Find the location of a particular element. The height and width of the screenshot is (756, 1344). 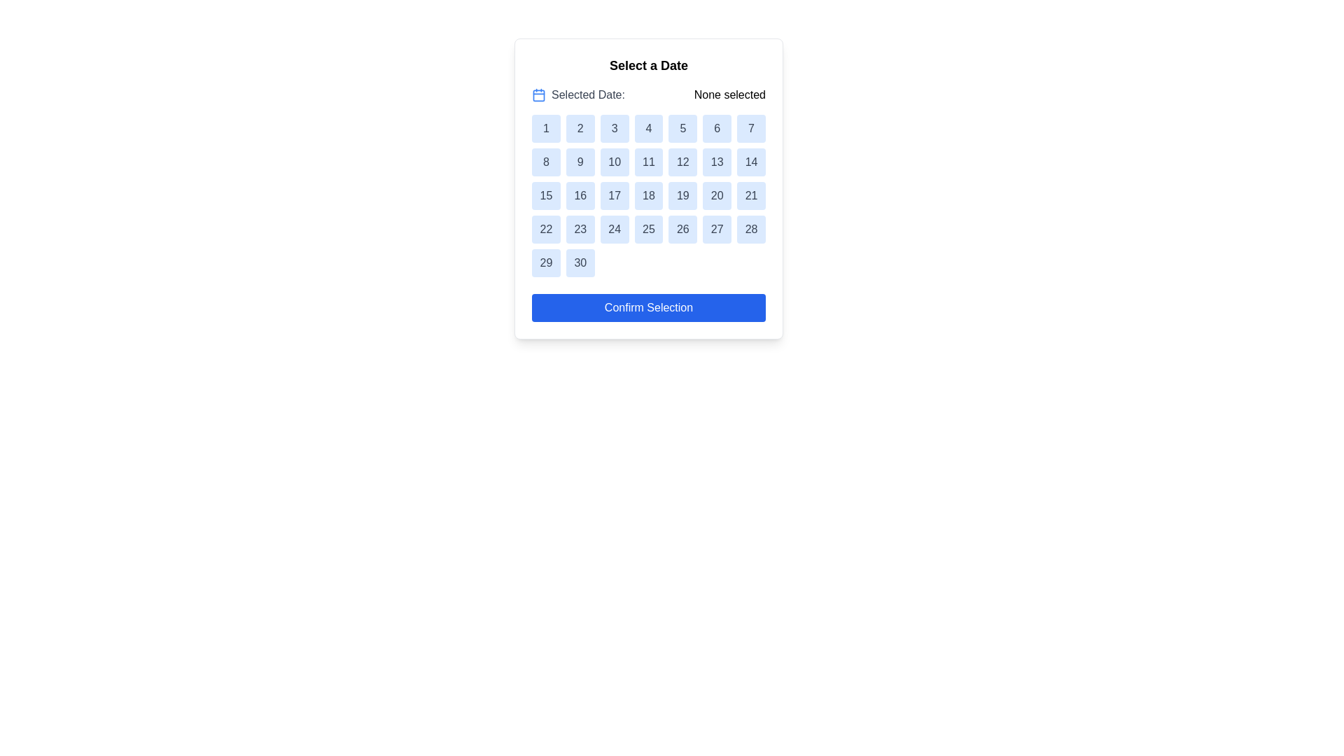

the small rectangular button with a light blue background and rounded corners that contains the number '1' in dark gray font to confirm the selection is located at coordinates (545, 129).